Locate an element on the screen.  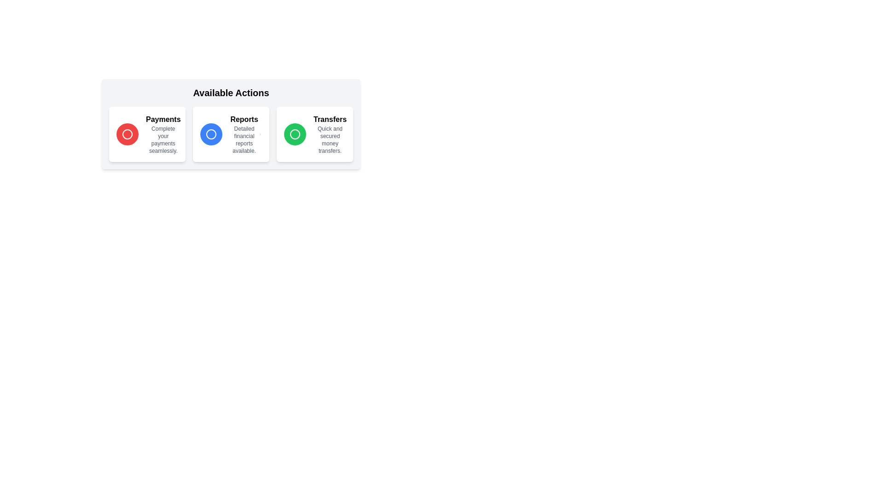
the circular icon located within the first card beneath the heading 'Available Actions' to initiate or manage payments is located at coordinates (127, 134).